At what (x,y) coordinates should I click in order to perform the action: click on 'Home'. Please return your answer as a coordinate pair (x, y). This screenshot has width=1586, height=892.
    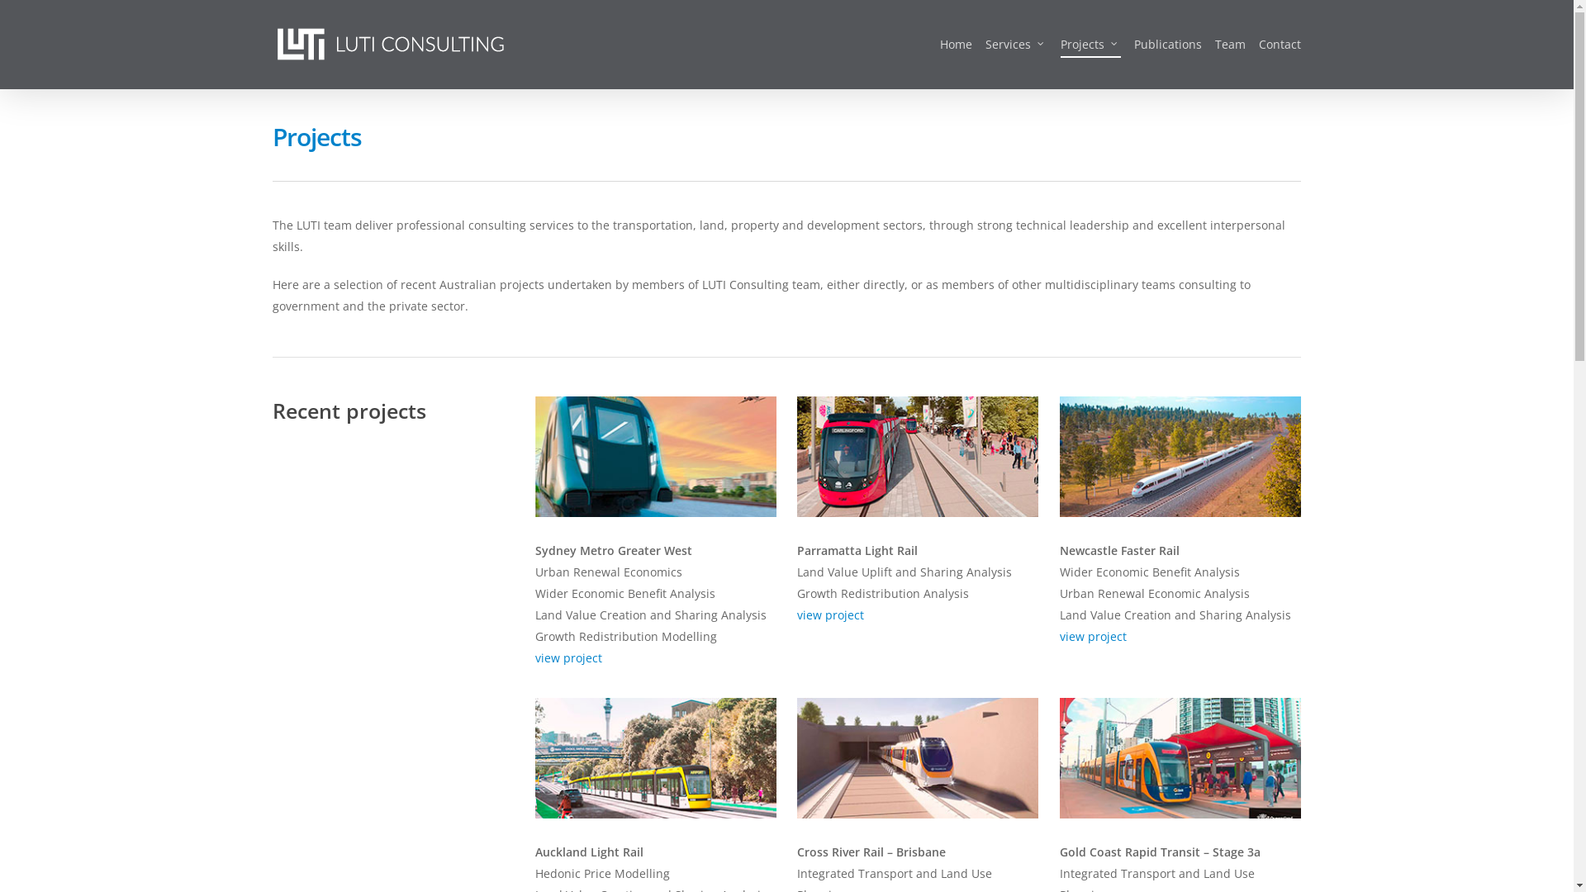
    Looking at the image, I should click on (956, 44).